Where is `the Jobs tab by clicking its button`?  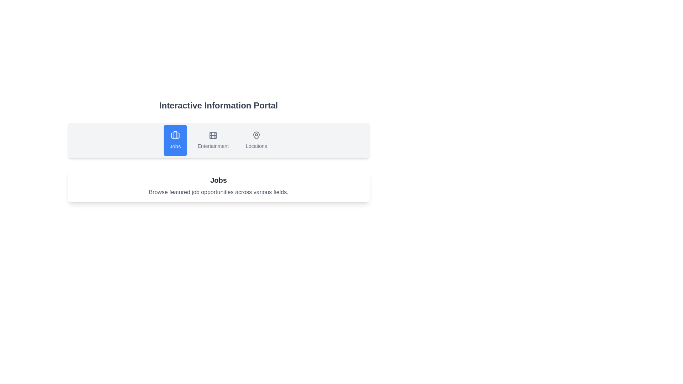 the Jobs tab by clicking its button is located at coordinates (175, 140).